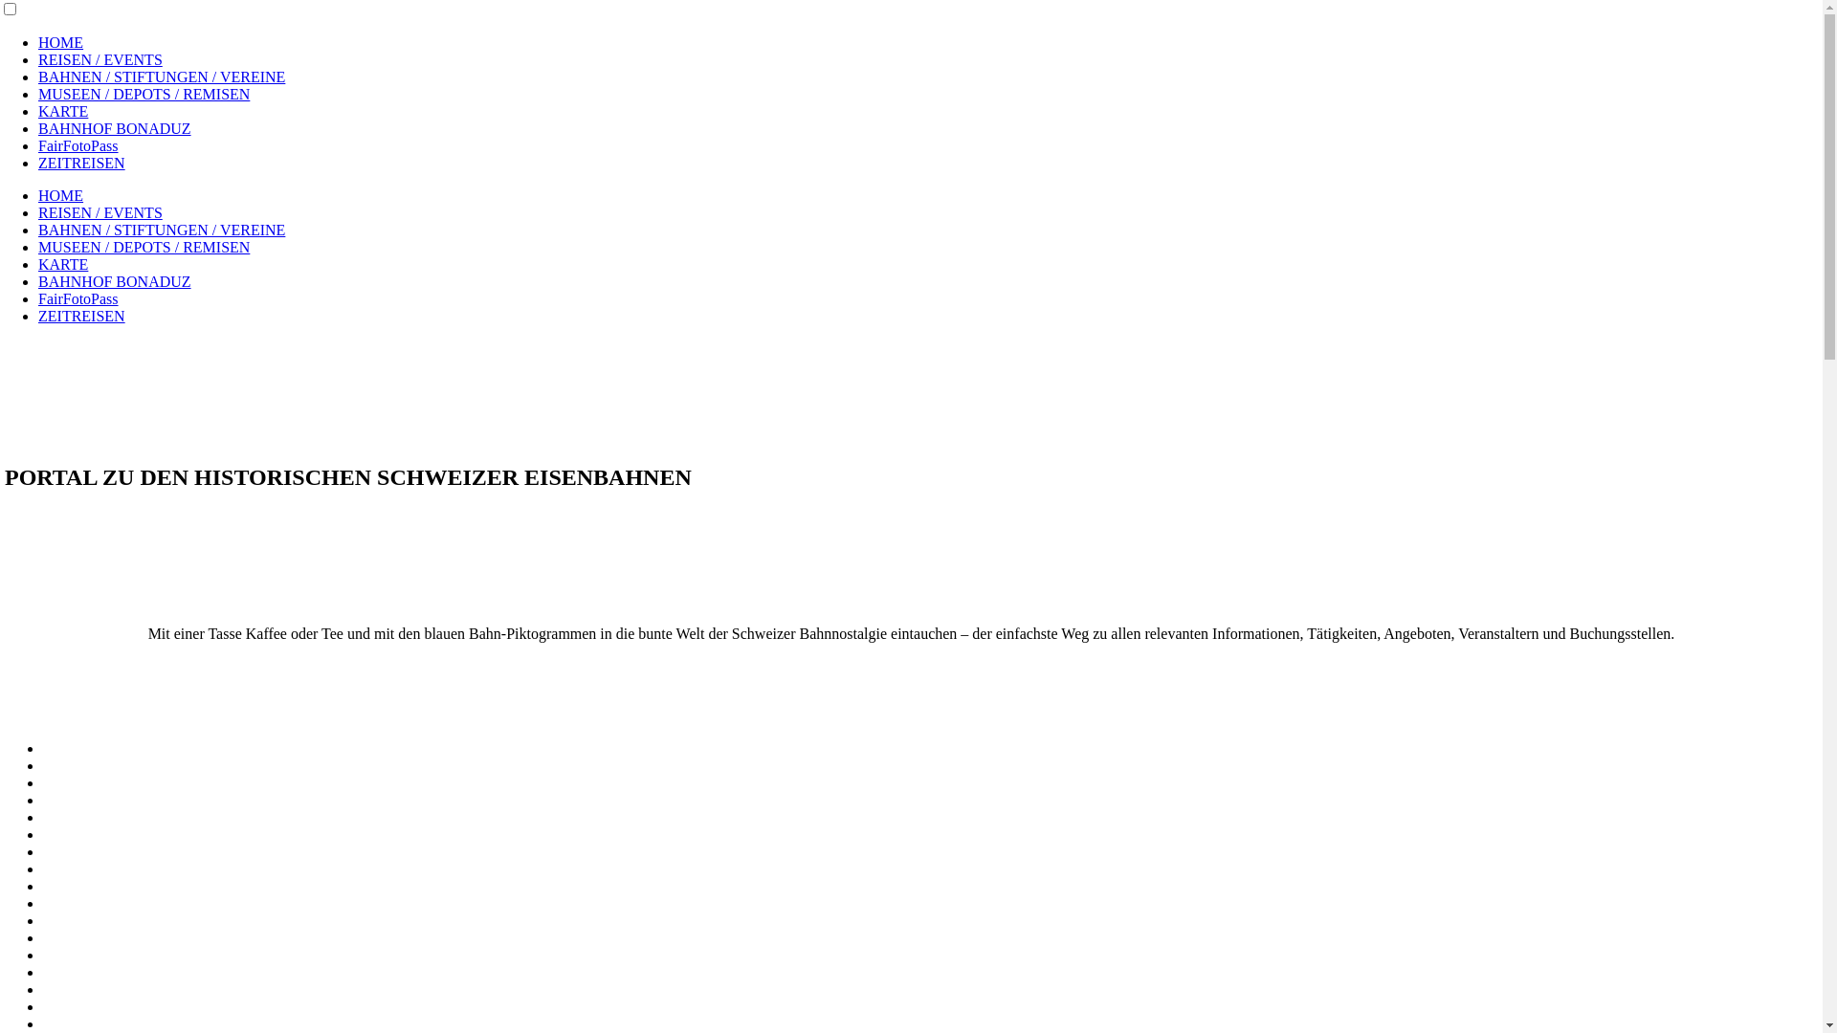 Image resolution: width=1837 pixels, height=1033 pixels. I want to click on 'BAHNHOF BONADUZ', so click(114, 281).